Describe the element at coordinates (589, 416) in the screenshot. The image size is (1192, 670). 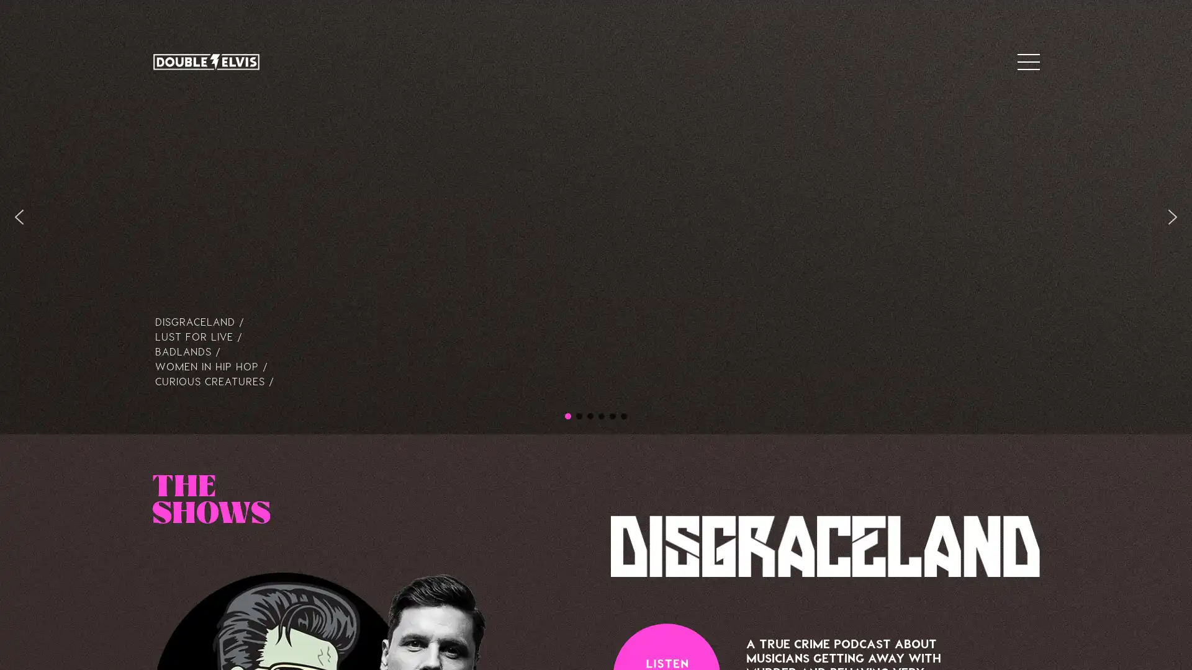
I see `Lust for Live hero` at that location.